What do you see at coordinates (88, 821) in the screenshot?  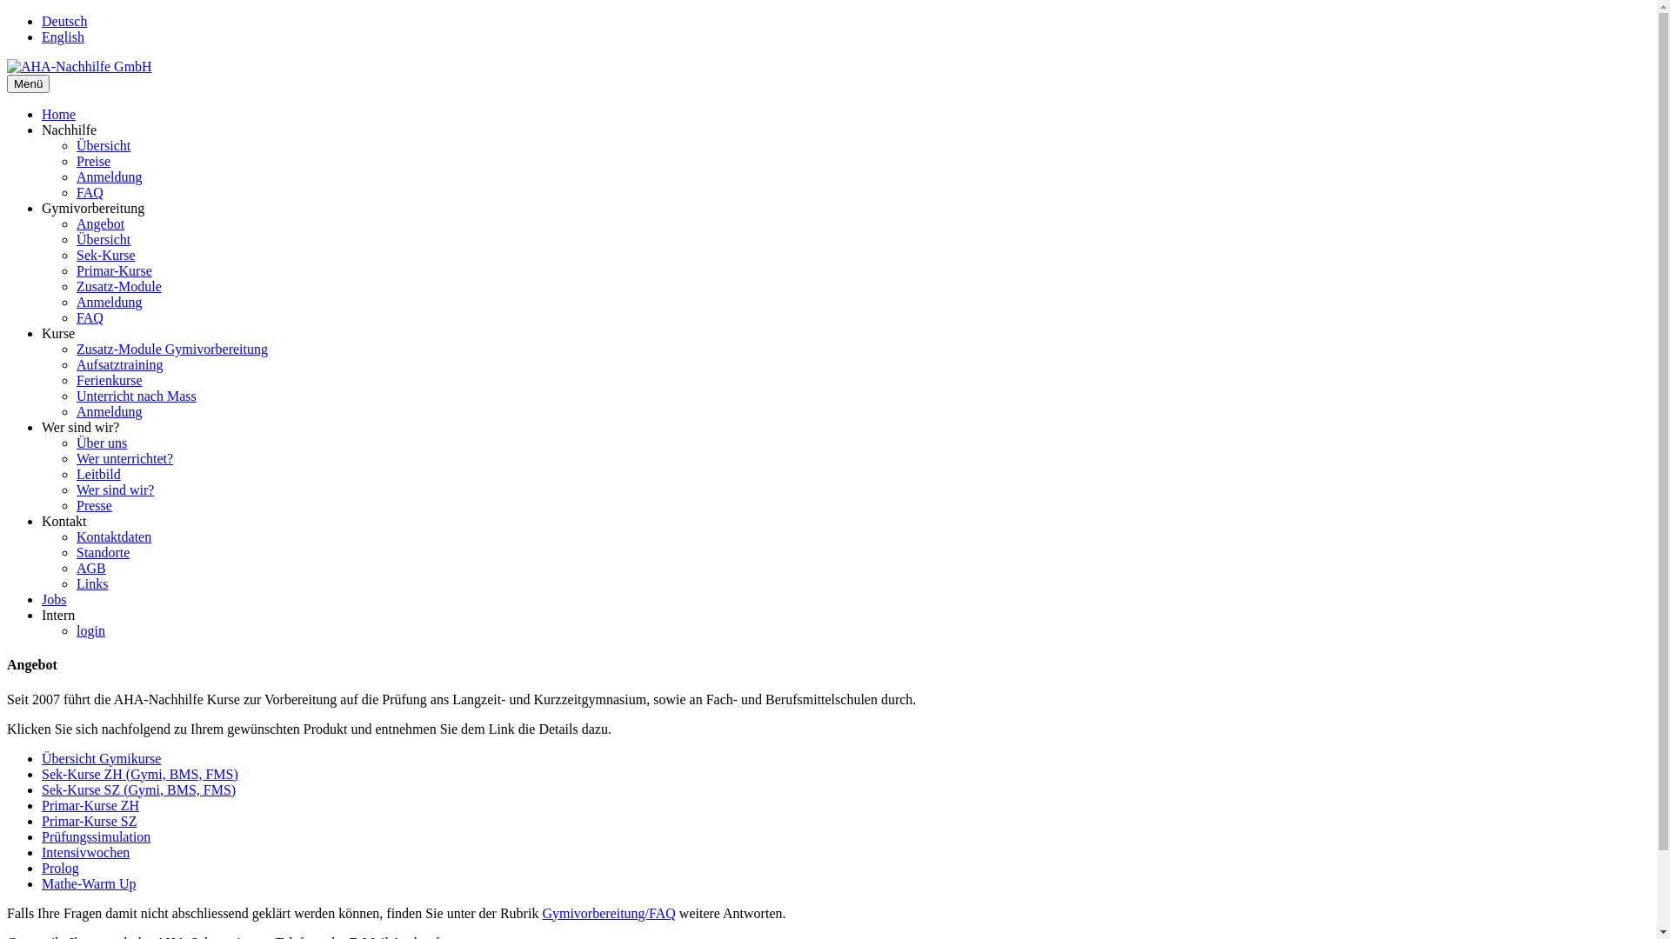 I see `'Primar-Kurse SZ'` at bounding box center [88, 821].